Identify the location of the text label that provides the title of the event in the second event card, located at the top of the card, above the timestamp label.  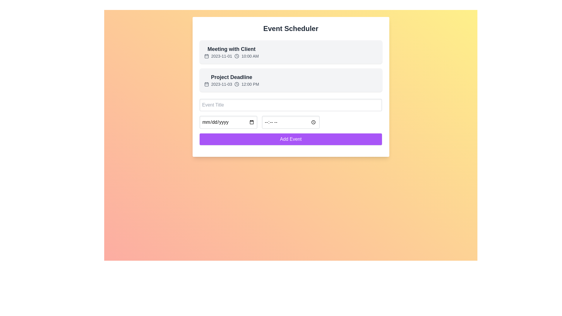
(231, 77).